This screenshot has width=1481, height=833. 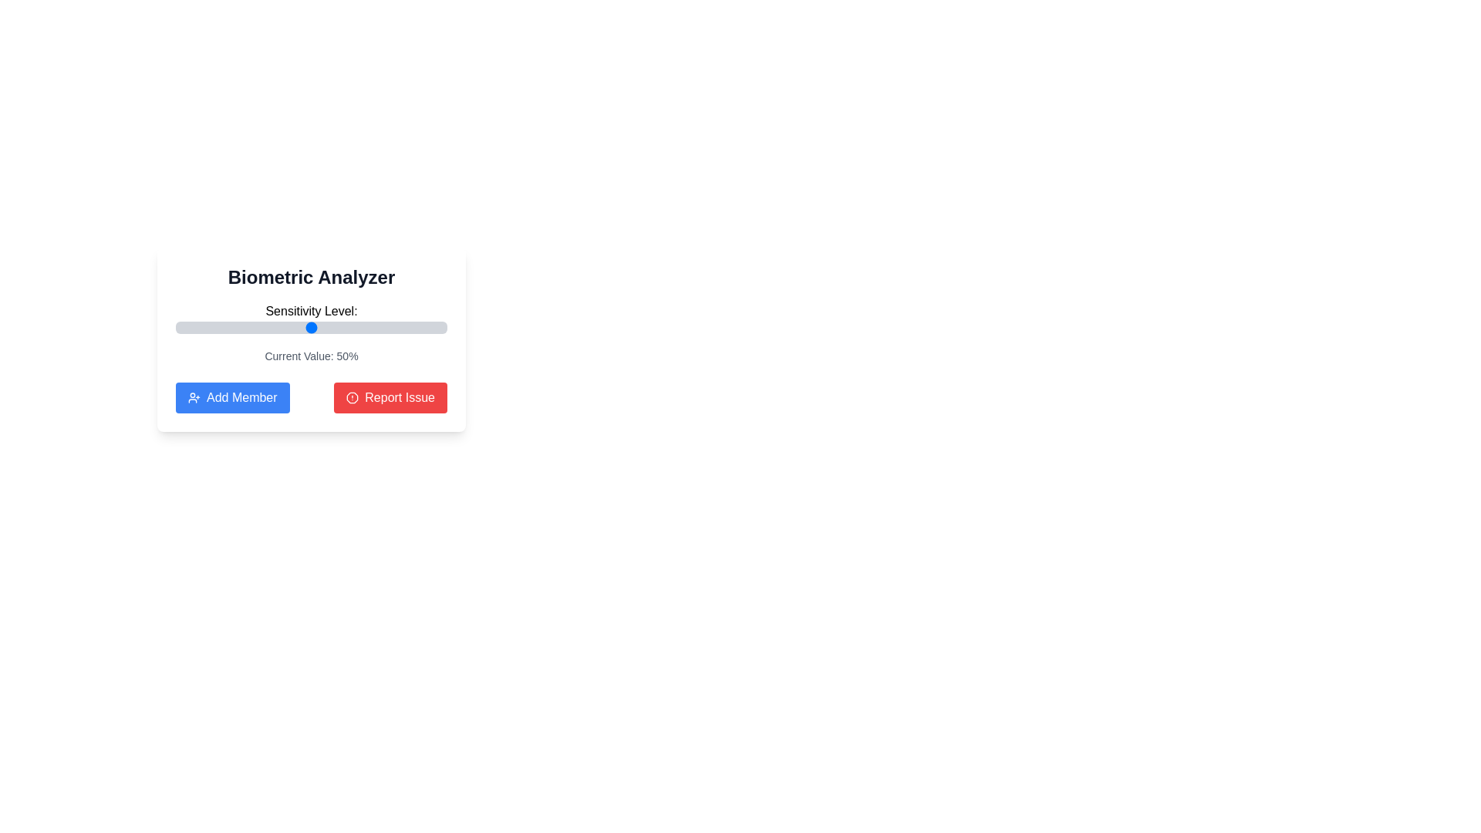 I want to click on the red 'Report Issue' button with white text and a warning icon on the left, located to the right of the 'Add Member' button at the bottom of the card component, so click(x=390, y=397).